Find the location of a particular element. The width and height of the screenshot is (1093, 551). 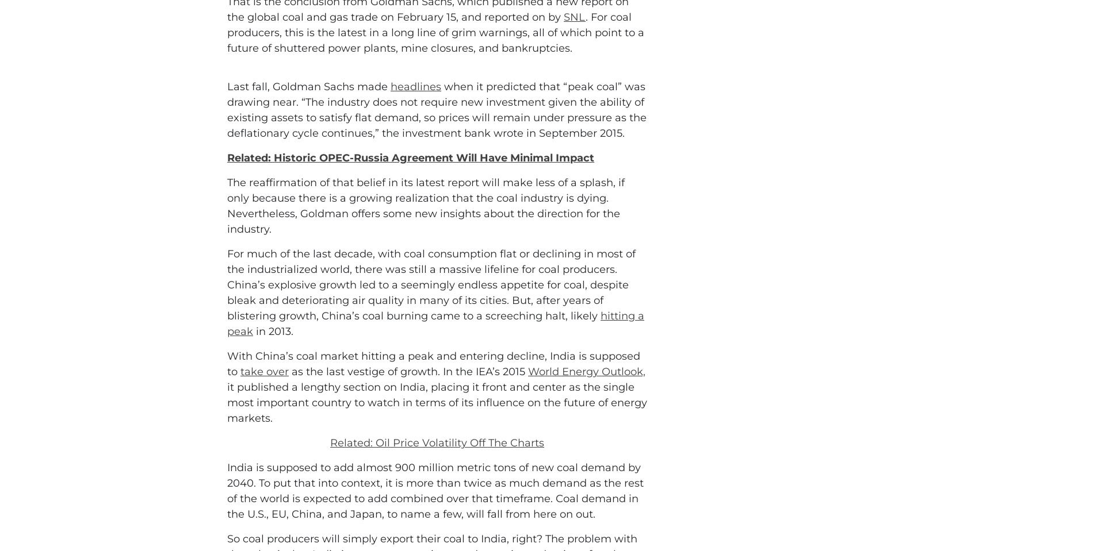

'World Energy Outlook,' is located at coordinates (586, 422).